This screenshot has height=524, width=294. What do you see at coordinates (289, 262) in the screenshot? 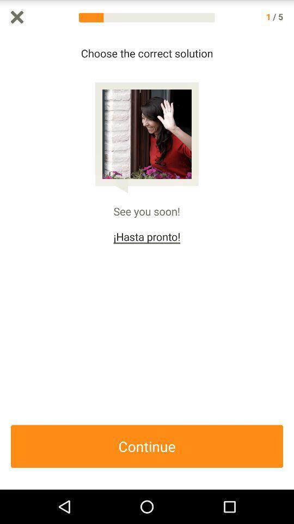
I see `down` at bounding box center [289, 262].